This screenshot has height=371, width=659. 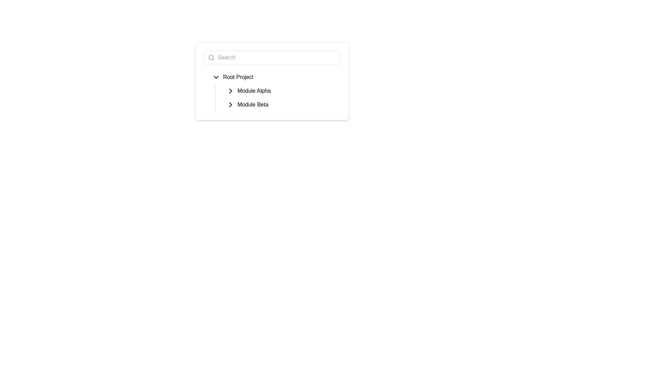 I want to click on the text label or link for 'Module Beta', so click(x=252, y=104).